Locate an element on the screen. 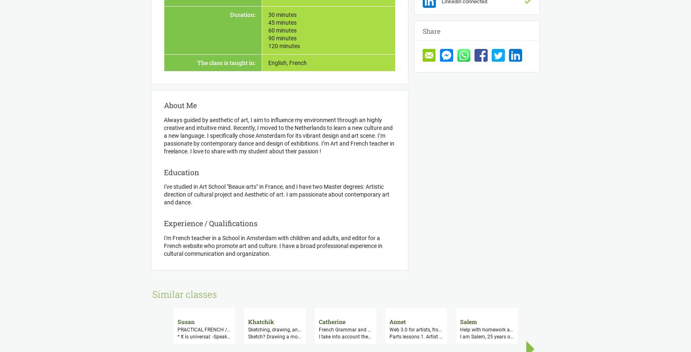 This screenshot has height=352, width=691. 'Thierry' is located at coordinates (612, 321).